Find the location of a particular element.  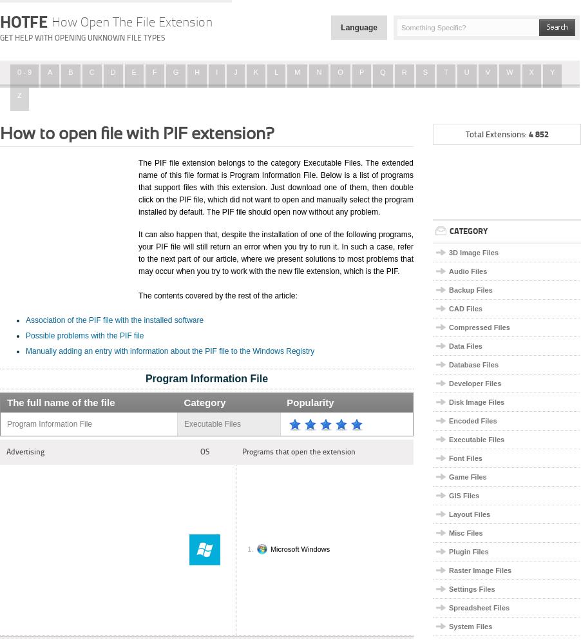

'X' is located at coordinates (530, 72).